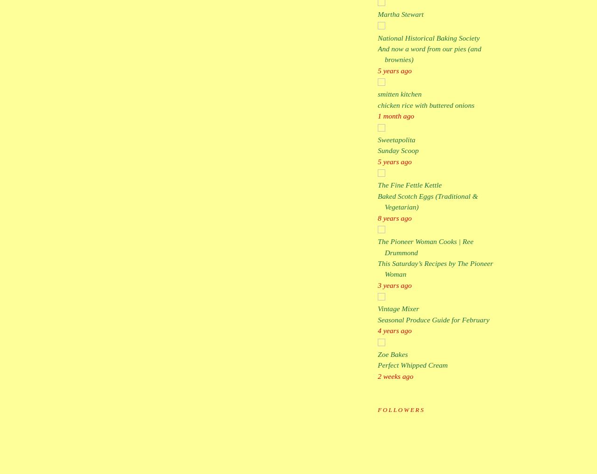 This screenshot has height=474, width=597. Describe the element at coordinates (396, 116) in the screenshot. I see `'1 month ago'` at that location.